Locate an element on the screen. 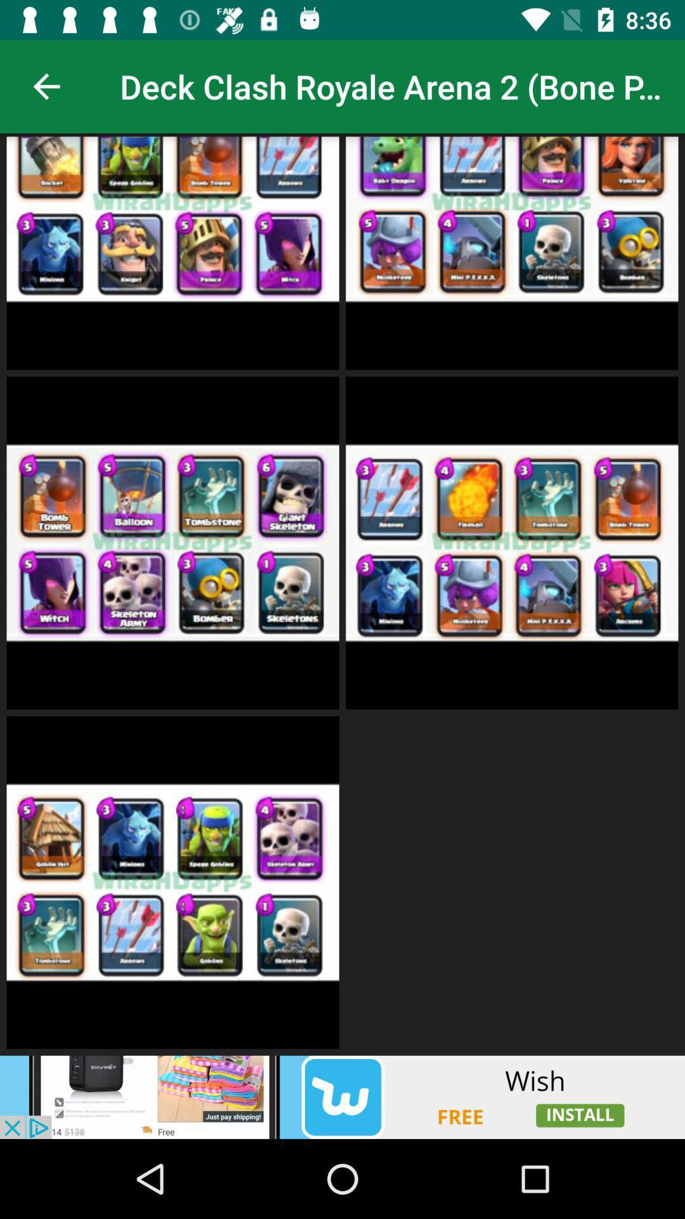  the first image is located at coordinates (173, 251).